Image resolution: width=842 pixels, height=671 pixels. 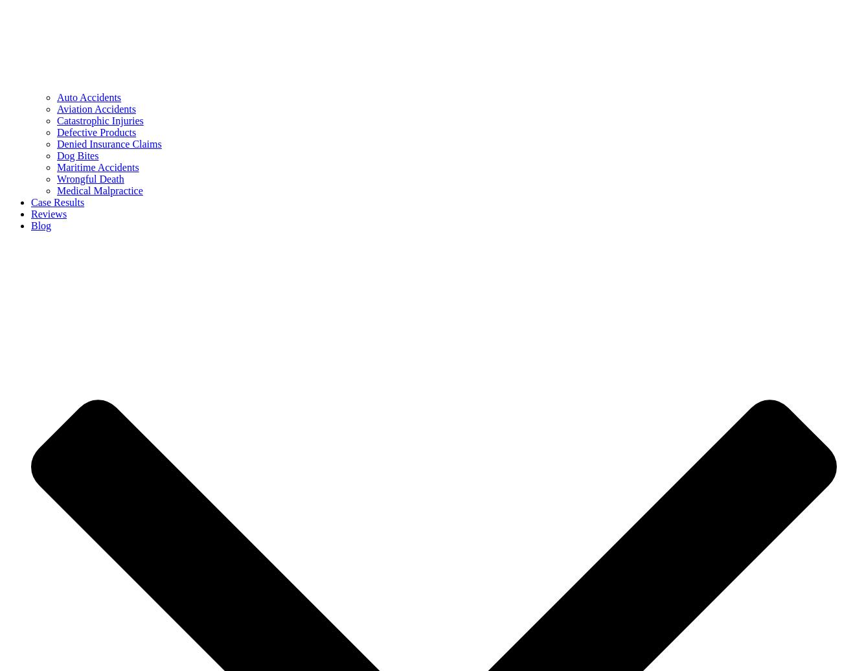 I want to click on 'Maritime Accidents', so click(x=97, y=167).